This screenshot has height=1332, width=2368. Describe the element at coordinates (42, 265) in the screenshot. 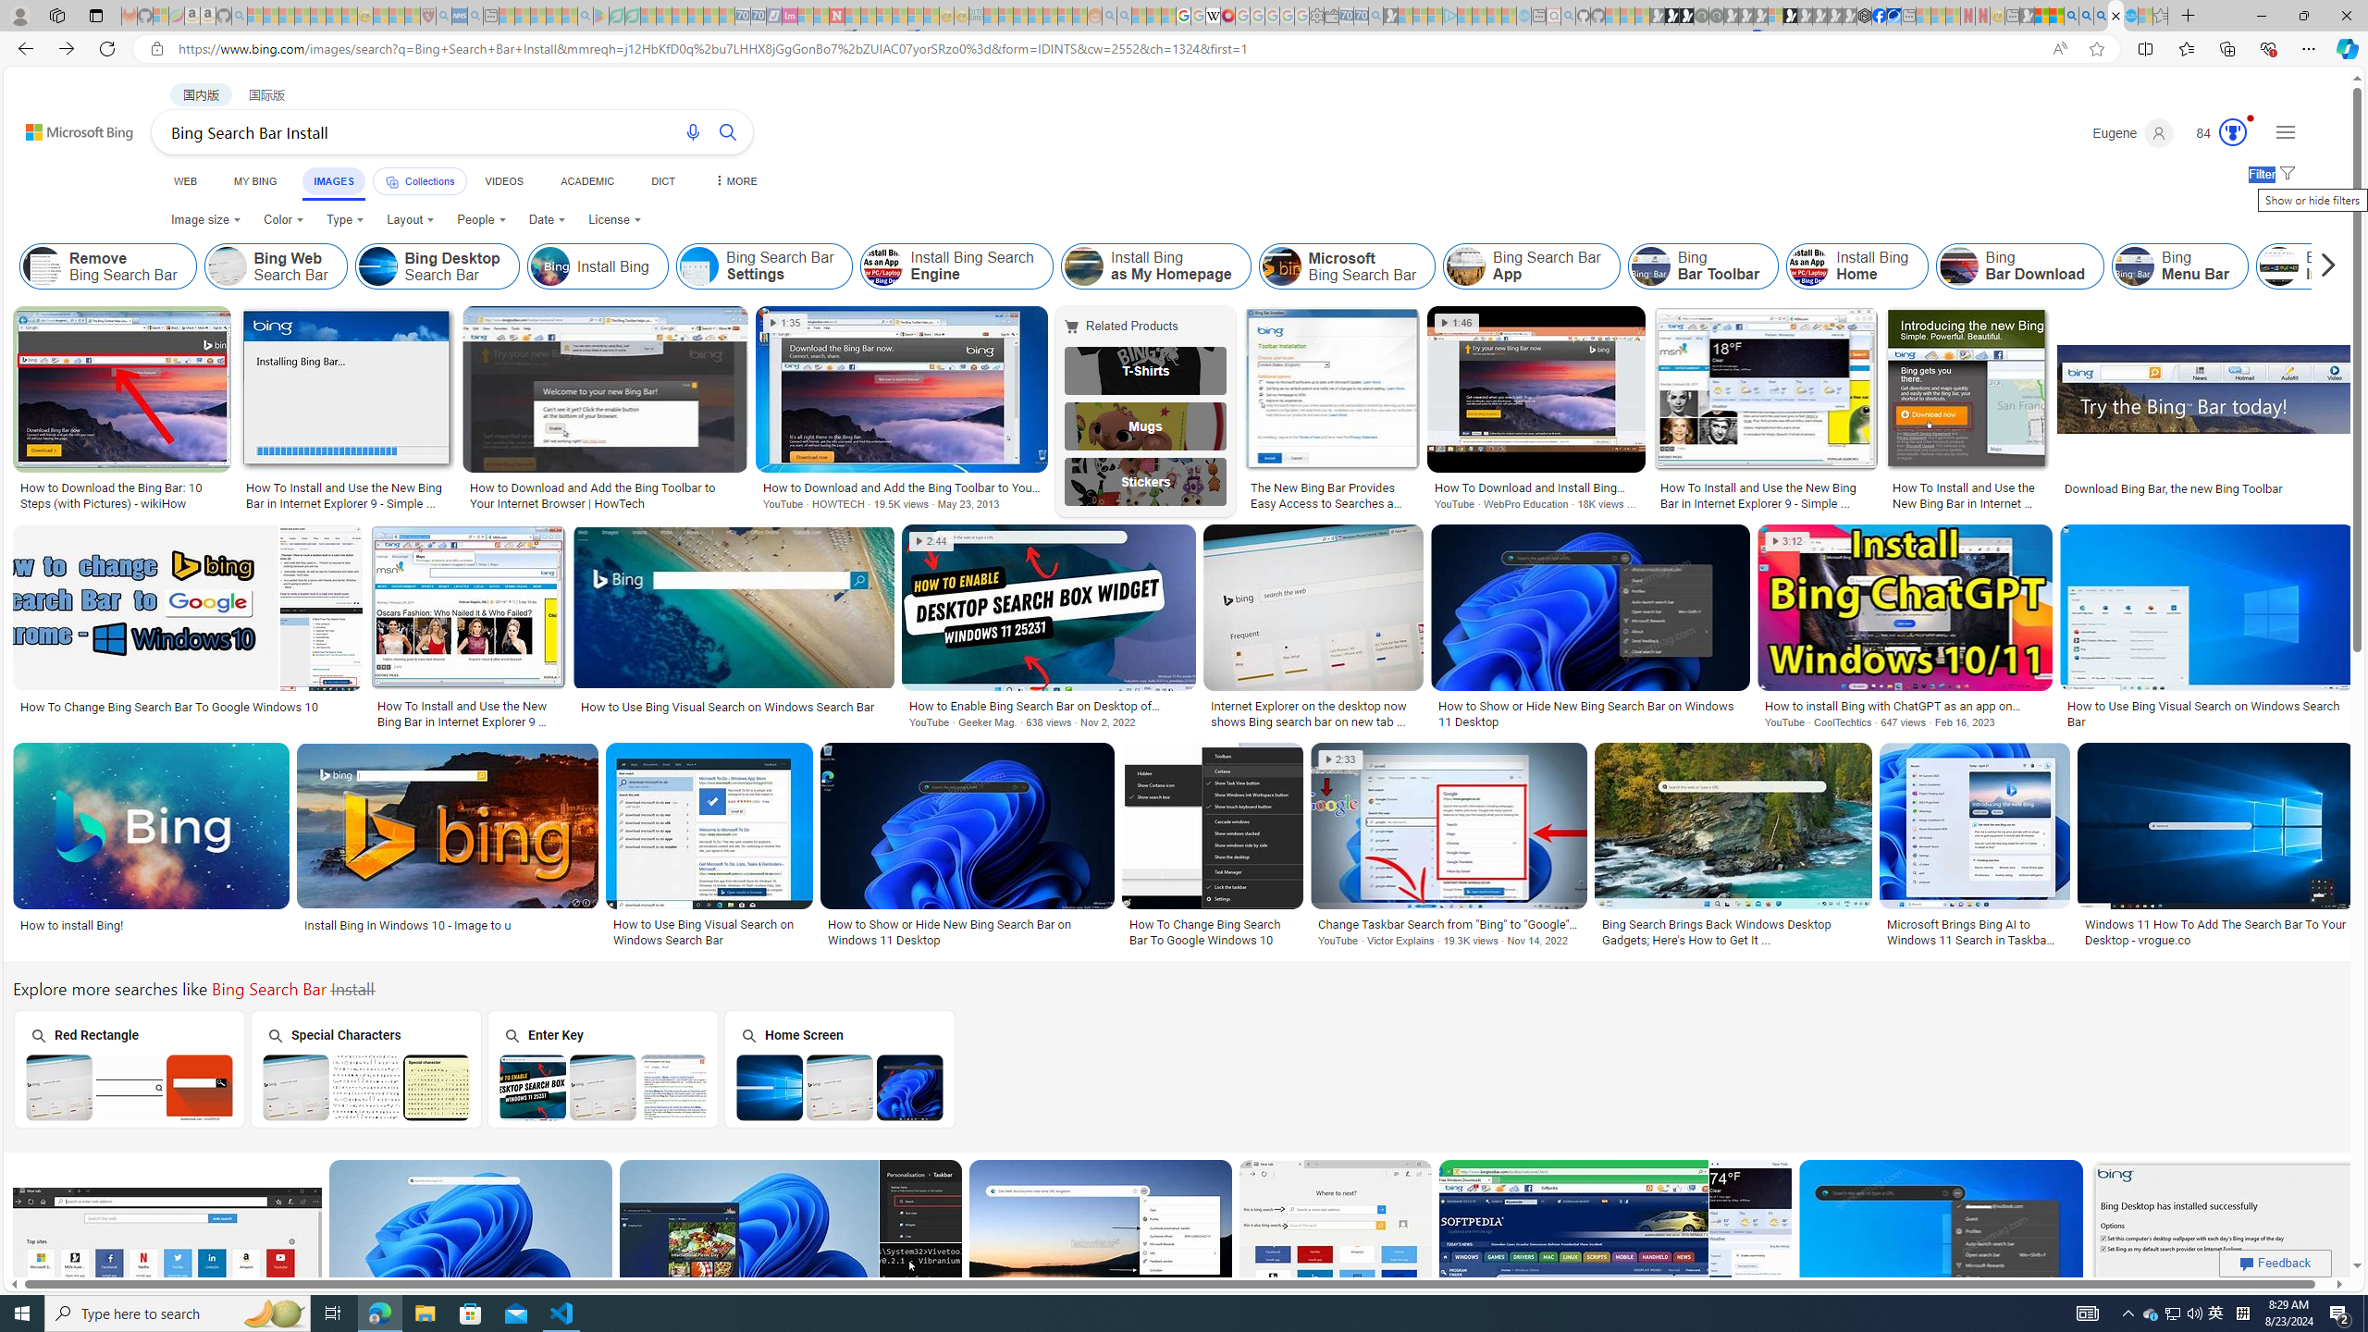

I see `'Remove Bing Search Bar'` at that location.